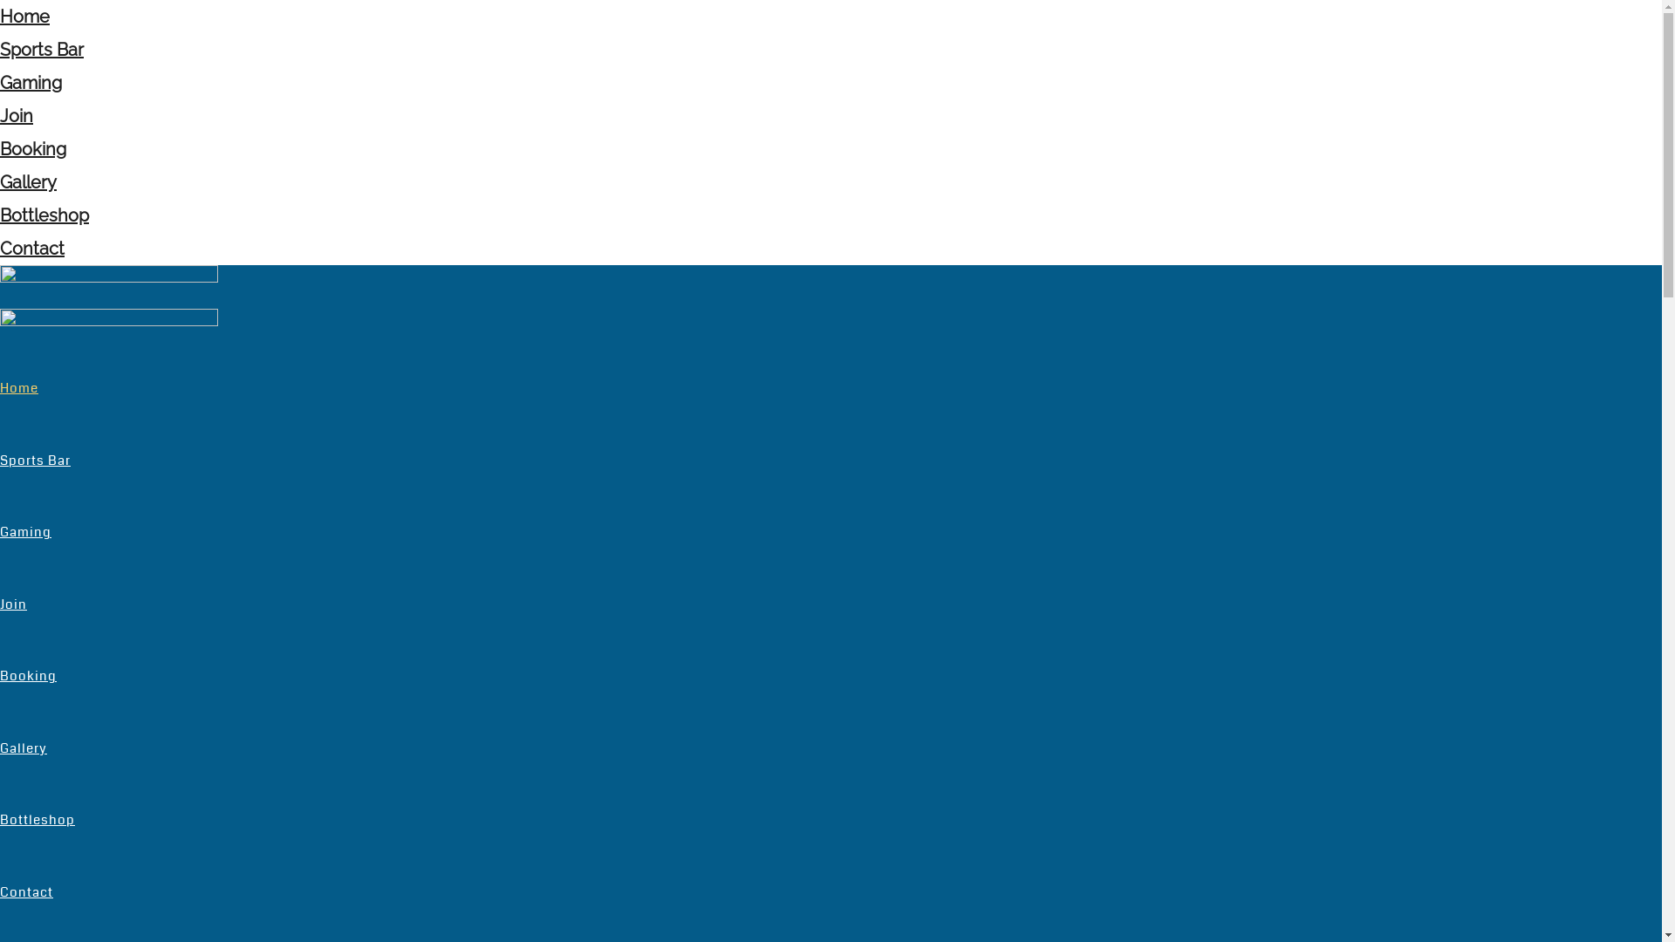  Describe the element at coordinates (0, 820) in the screenshot. I see `'Bottleshop'` at that location.